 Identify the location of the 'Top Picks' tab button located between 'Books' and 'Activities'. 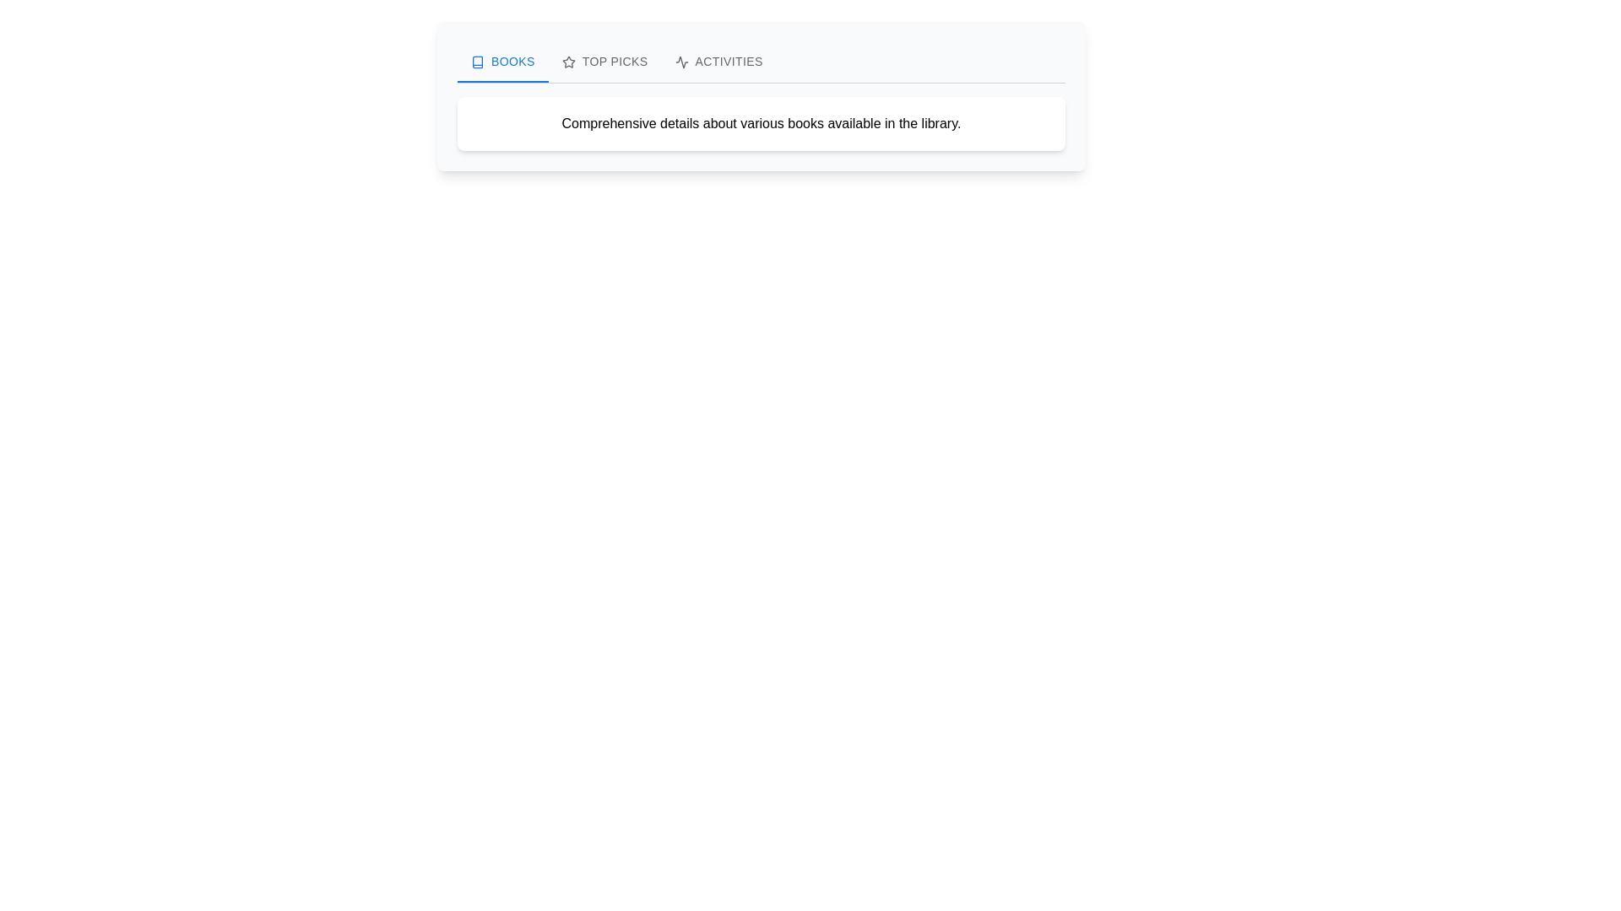
(604, 61).